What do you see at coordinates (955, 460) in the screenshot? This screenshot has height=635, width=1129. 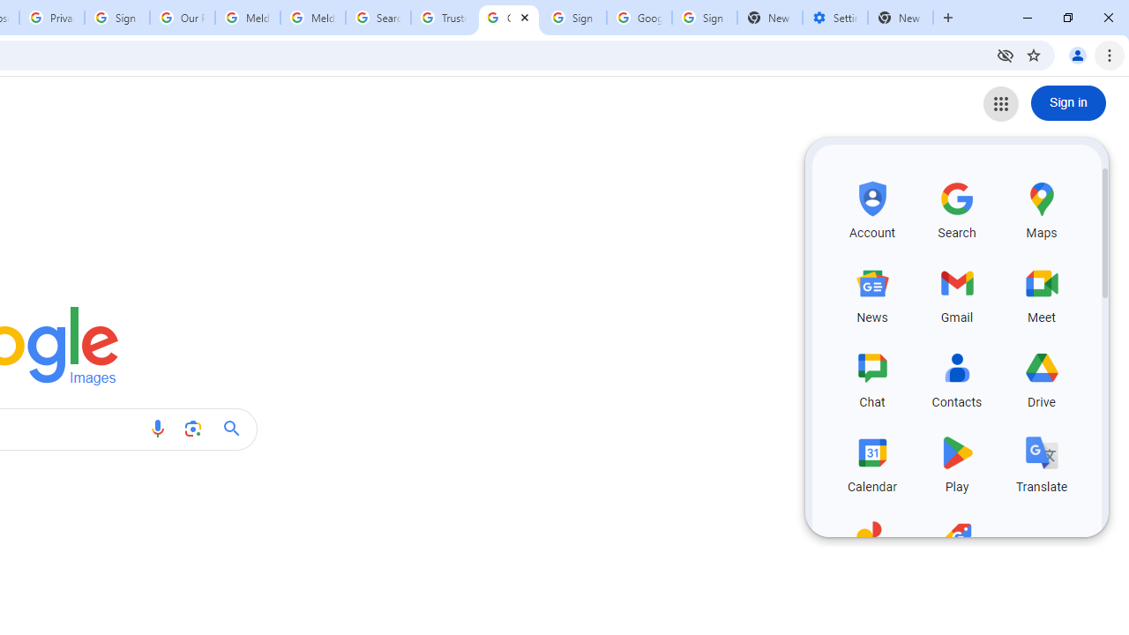 I see `'Play, row 4 of 5 and column 2 of 3 in the first section'` at bounding box center [955, 460].